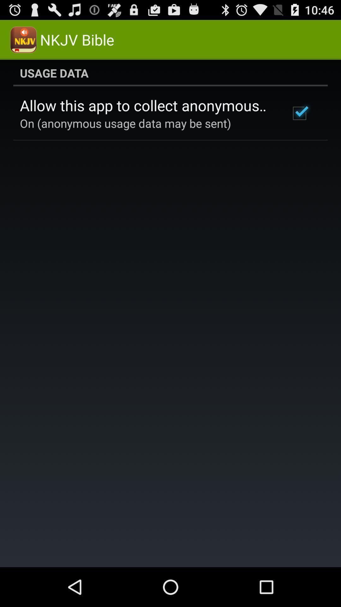  What do you see at coordinates (146, 105) in the screenshot?
I see `item above on anonymous usage item` at bounding box center [146, 105].